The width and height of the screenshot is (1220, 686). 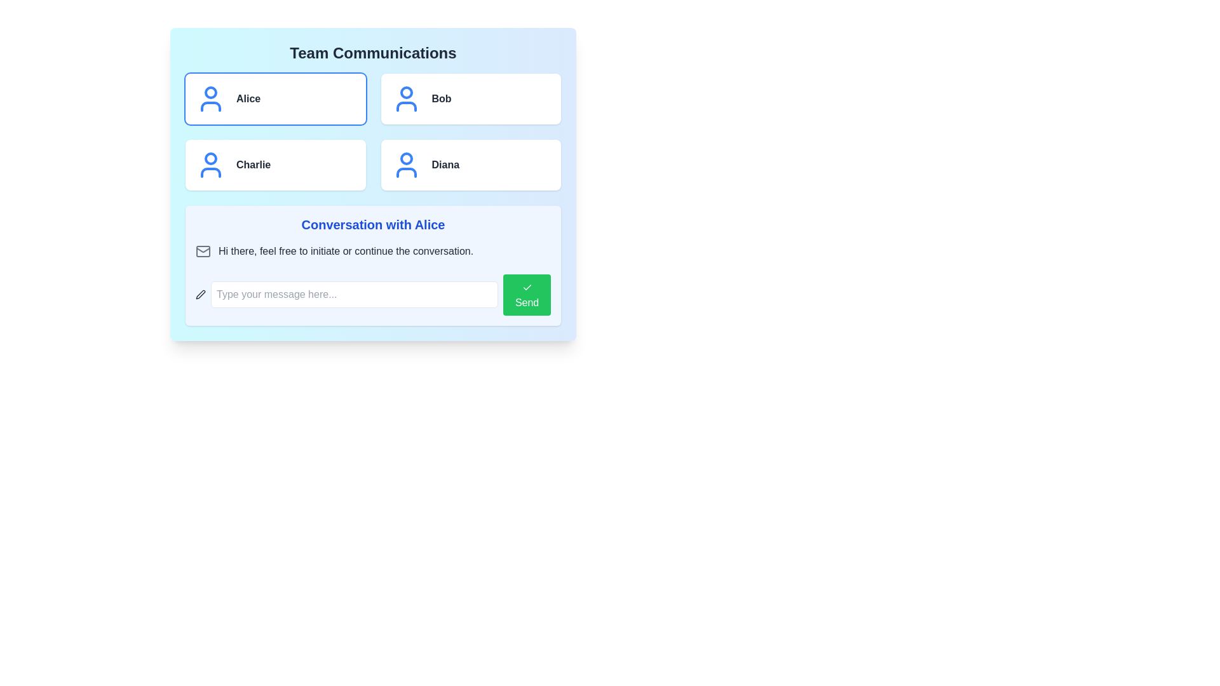 What do you see at coordinates (527, 295) in the screenshot?
I see `the green rectangular button labeled 'Send' with a checkmark icon above the text` at bounding box center [527, 295].